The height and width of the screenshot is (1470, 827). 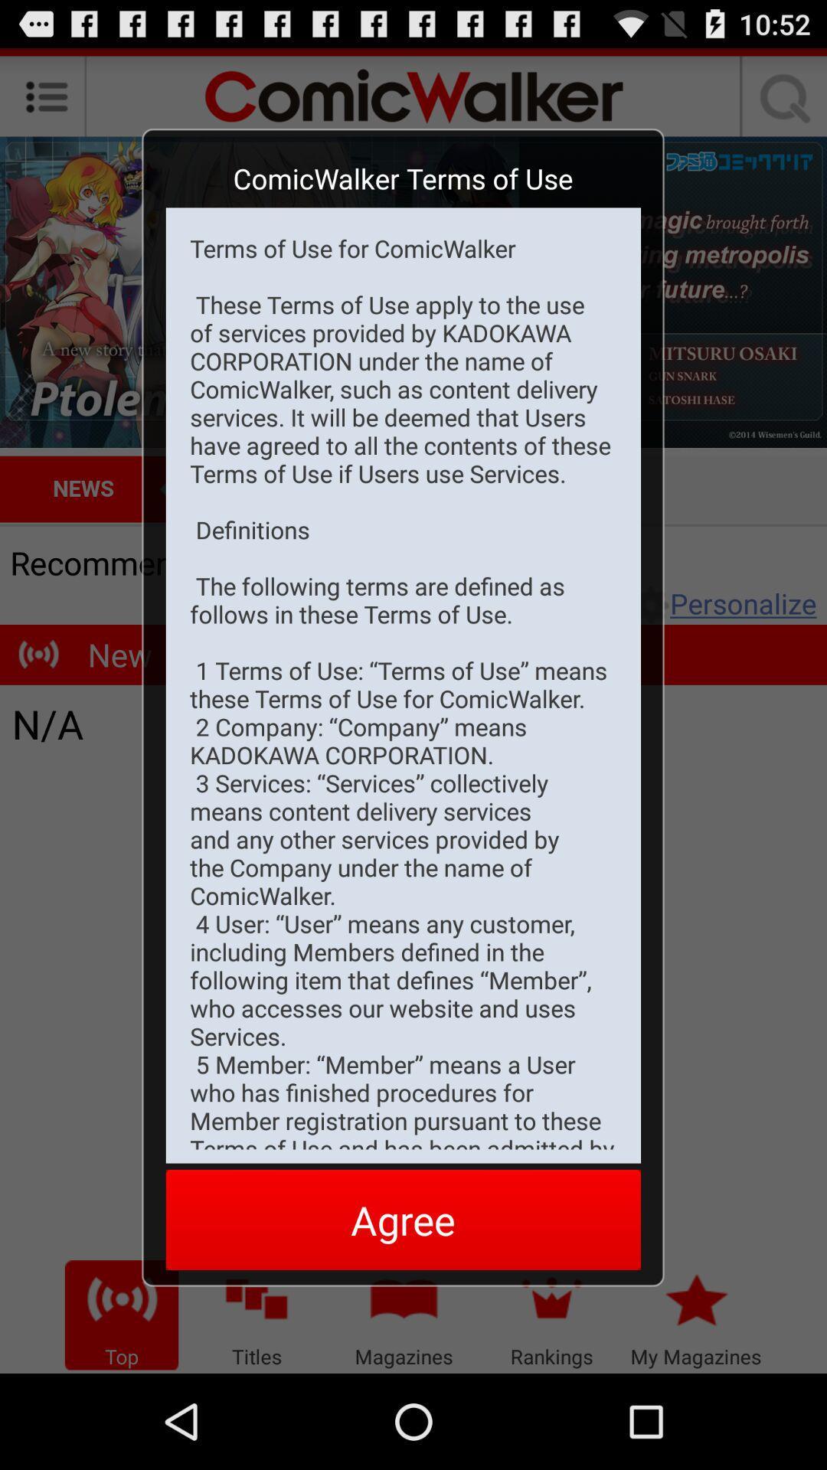 What do you see at coordinates (402, 1219) in the screenshot?
I see `item at the bottom` at bounding box center [402, 1219].